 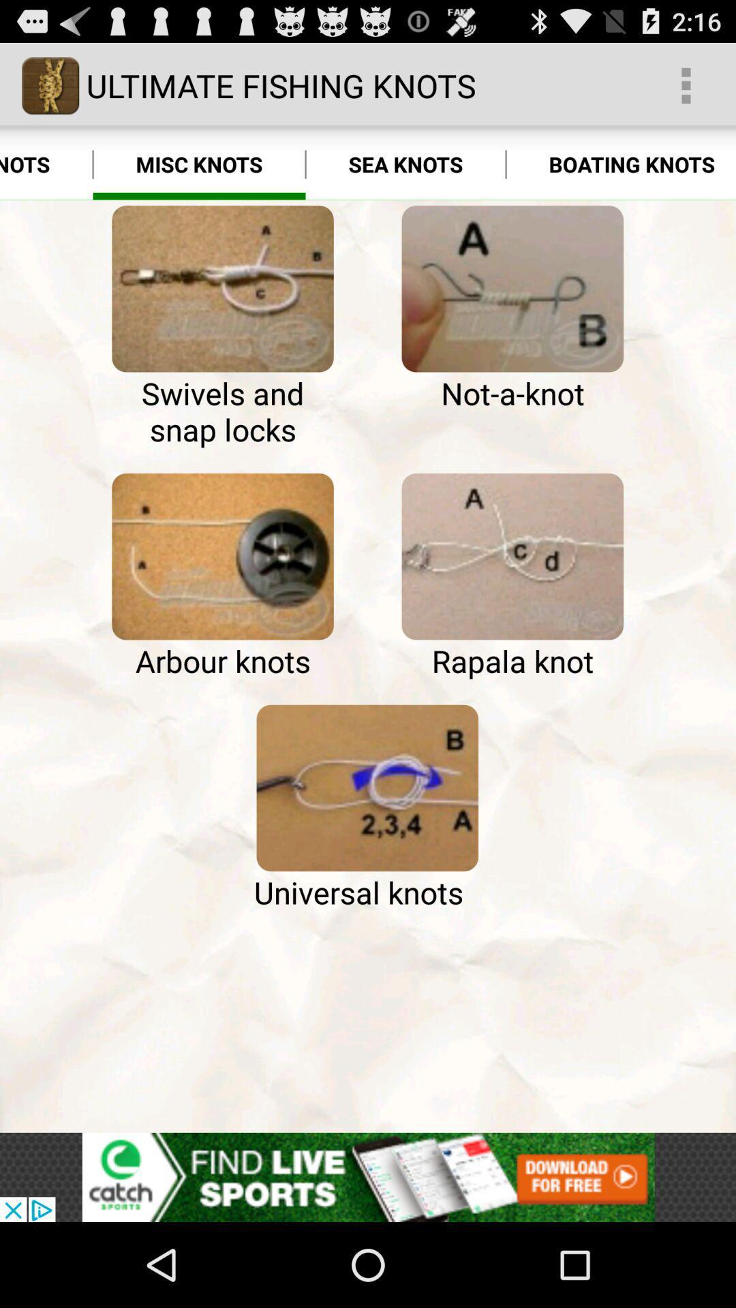 I want to click on open arbour knots, so click(x=222, y=557).